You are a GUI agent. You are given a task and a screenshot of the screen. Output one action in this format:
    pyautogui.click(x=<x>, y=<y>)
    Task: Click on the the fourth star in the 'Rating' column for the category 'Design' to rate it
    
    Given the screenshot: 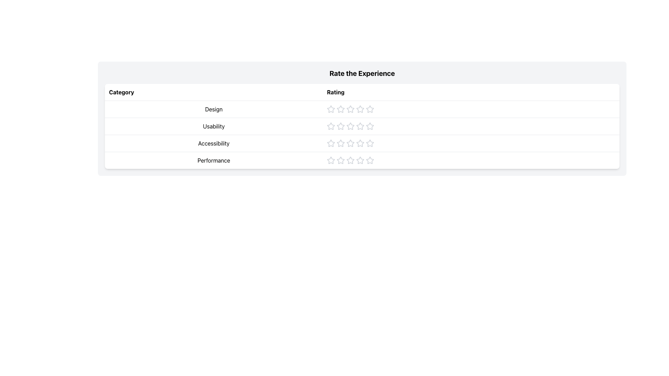 What is the action you would take?
    pyautogui.click(x=370, y=109)
    